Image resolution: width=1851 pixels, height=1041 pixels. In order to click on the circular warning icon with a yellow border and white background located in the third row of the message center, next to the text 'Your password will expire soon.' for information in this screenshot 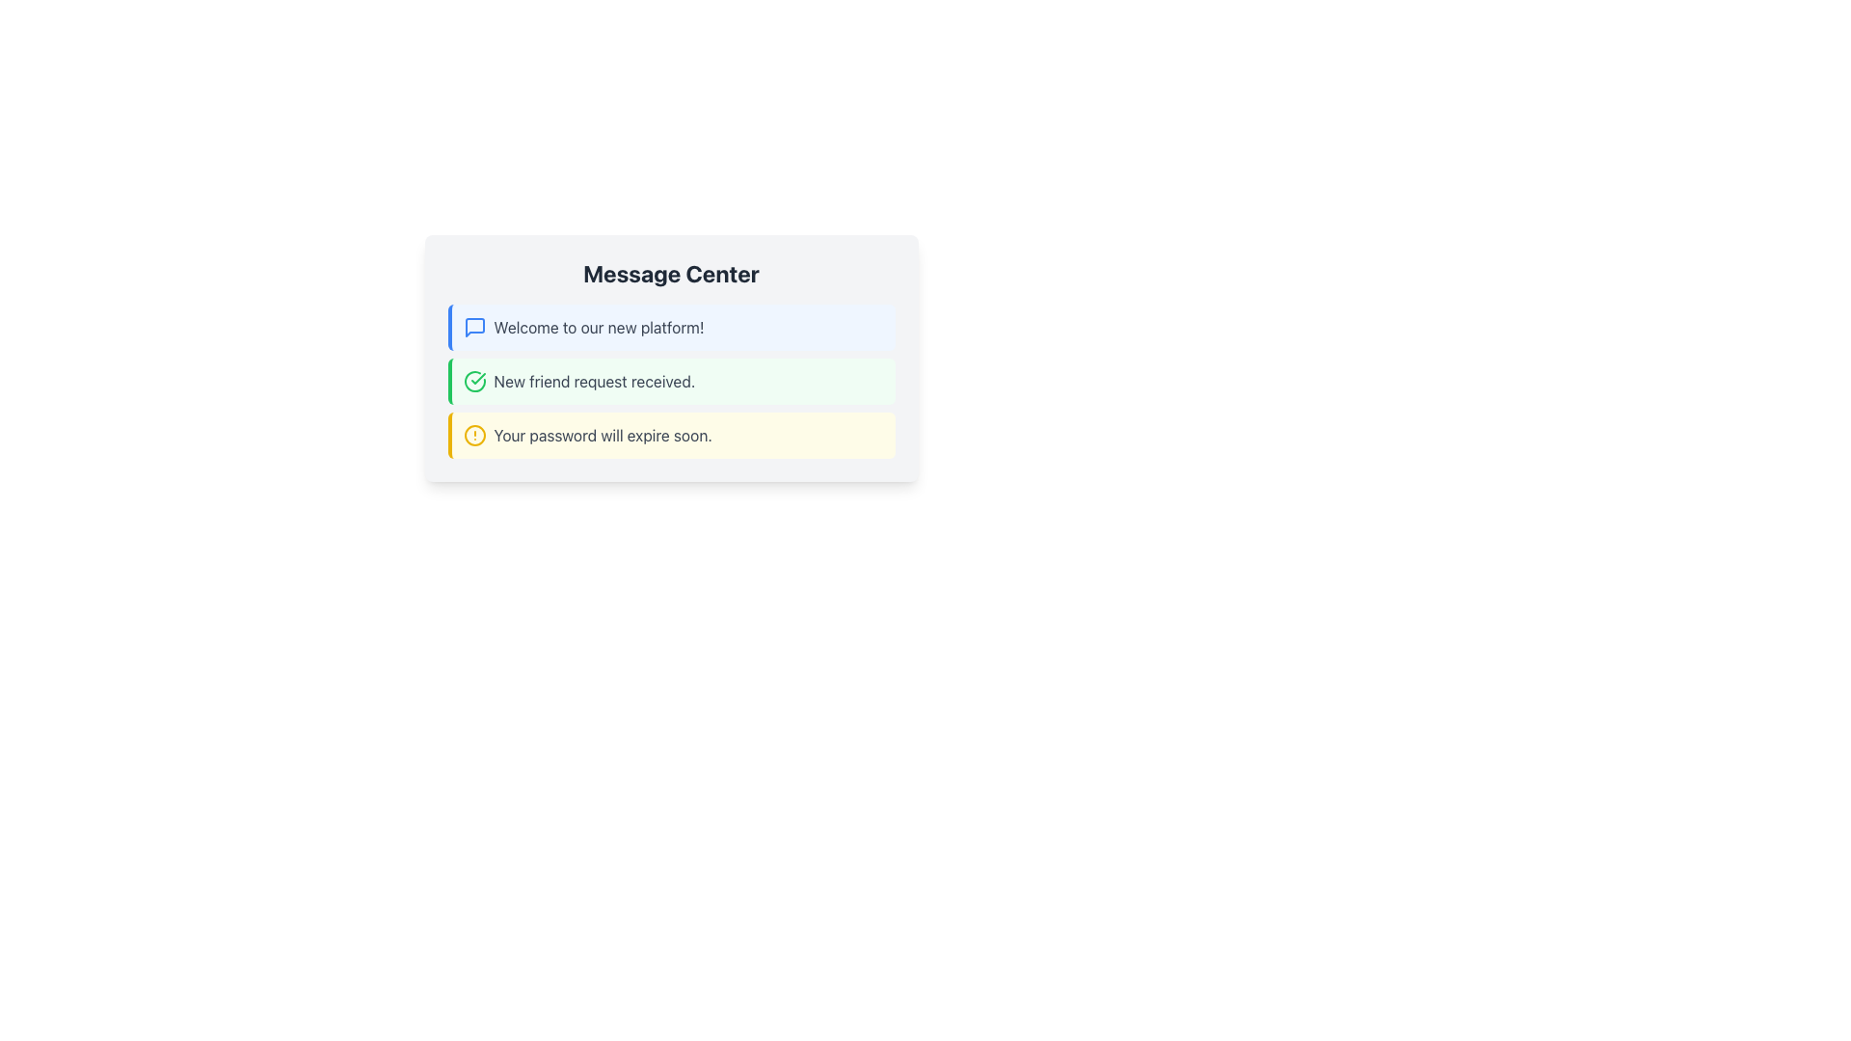, I will do `click(474, 435)`.